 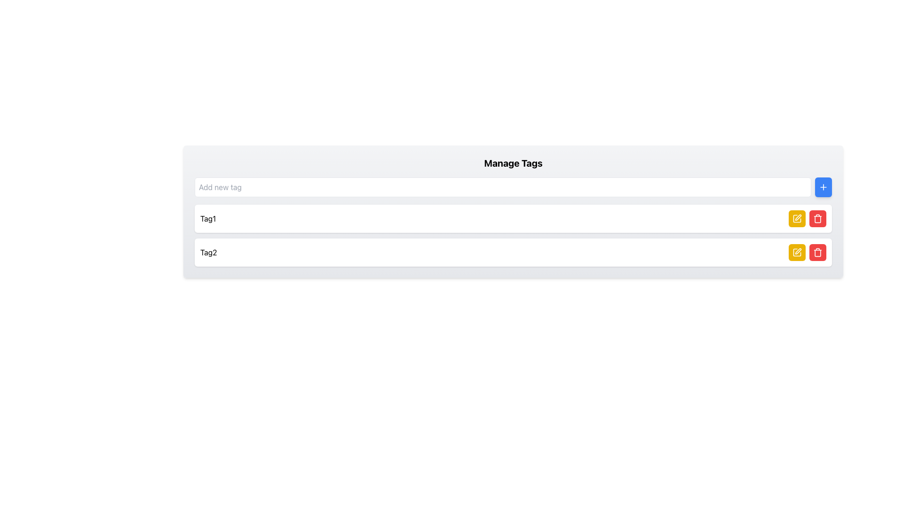 I want to click on the first action icon button to the left of the trash-can-shaped icon for editing the corresponding tag associated with 'Tag2.', so click(x=798, y=251).